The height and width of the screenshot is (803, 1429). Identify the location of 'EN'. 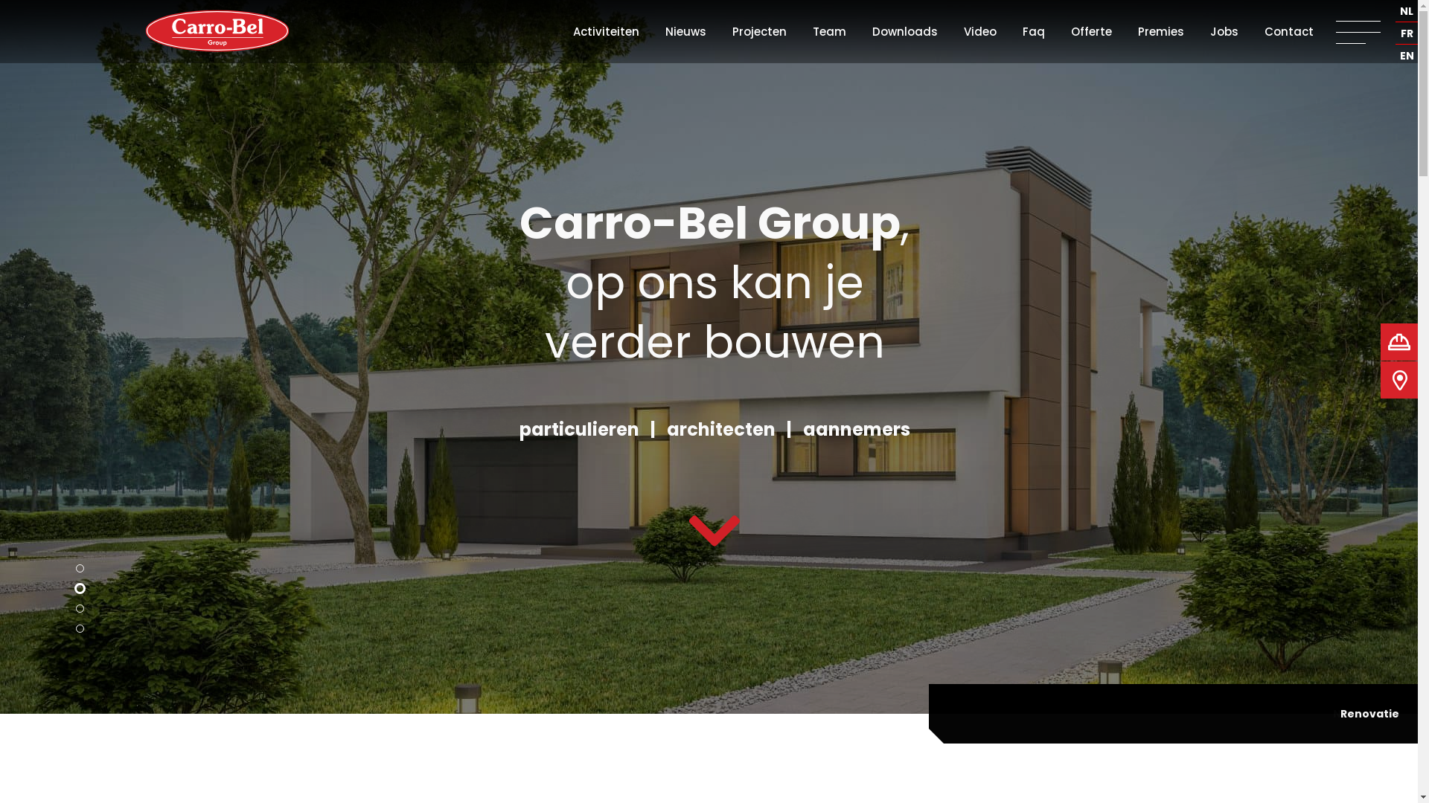
(1406, 55).